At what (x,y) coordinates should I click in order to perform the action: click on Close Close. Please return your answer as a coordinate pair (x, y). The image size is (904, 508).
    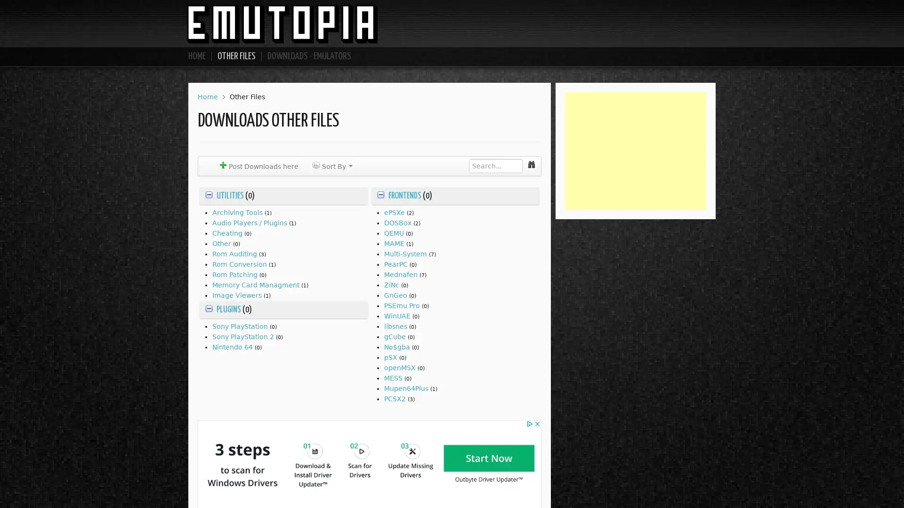
    Looking at the image, I should click on (521, 192).